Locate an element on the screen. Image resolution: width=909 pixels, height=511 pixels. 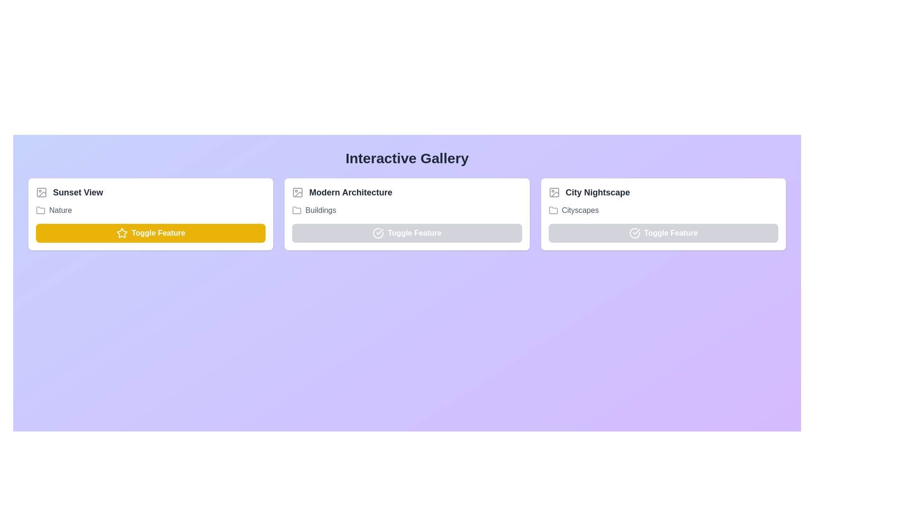
the folder icon located at the top left corner of the 'Modern Architecture' card is located at coordinates (296, 210).